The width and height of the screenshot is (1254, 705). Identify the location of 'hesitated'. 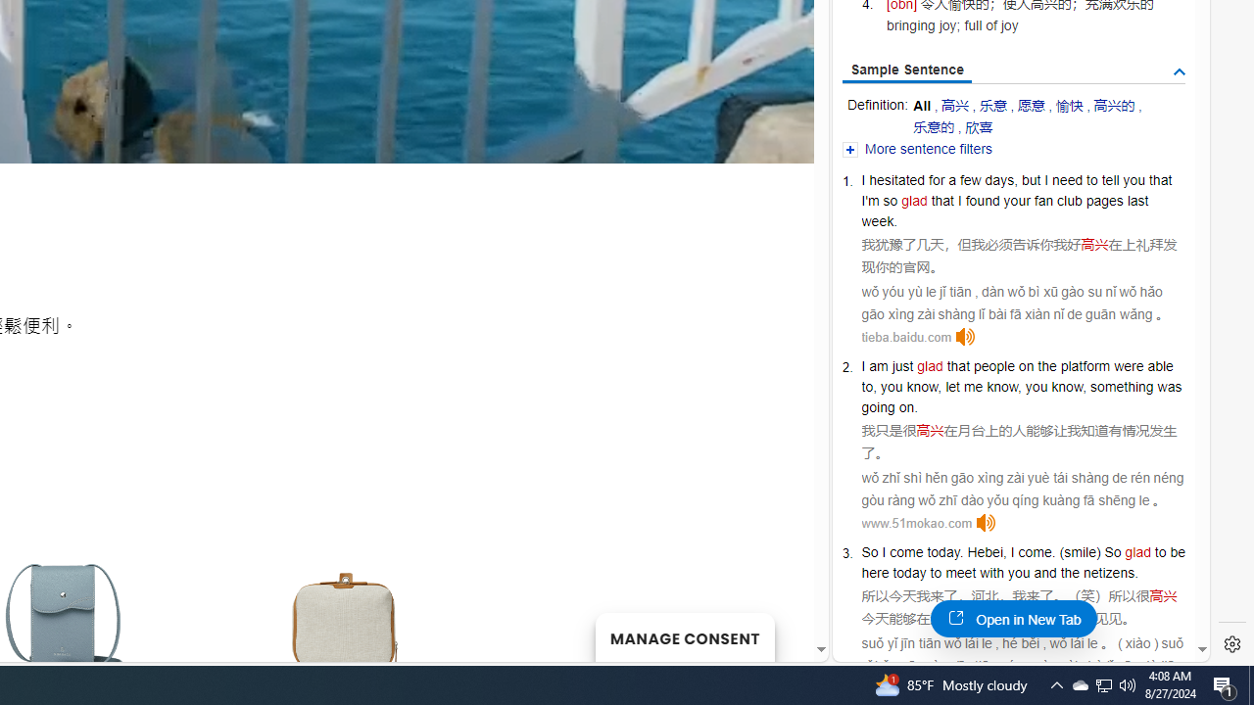
(895, 179).